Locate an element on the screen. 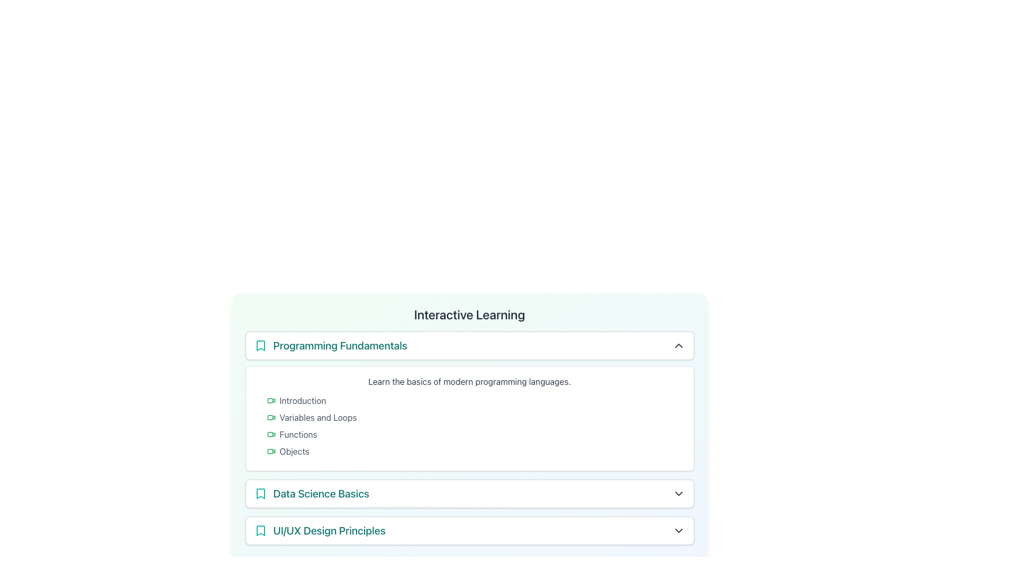  the downward-pointing chevron icon located on the right side of the 'Data Science Basics' section header is located at coordinates (678, 493).